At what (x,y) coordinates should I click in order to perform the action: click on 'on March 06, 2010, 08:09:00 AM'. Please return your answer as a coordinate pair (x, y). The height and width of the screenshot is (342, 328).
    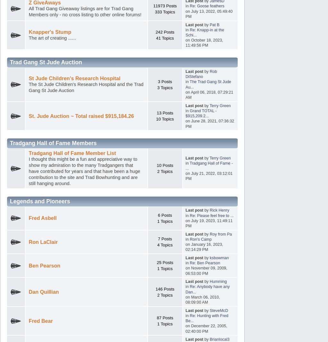
    Looking at the image, I should click on (202, 299).